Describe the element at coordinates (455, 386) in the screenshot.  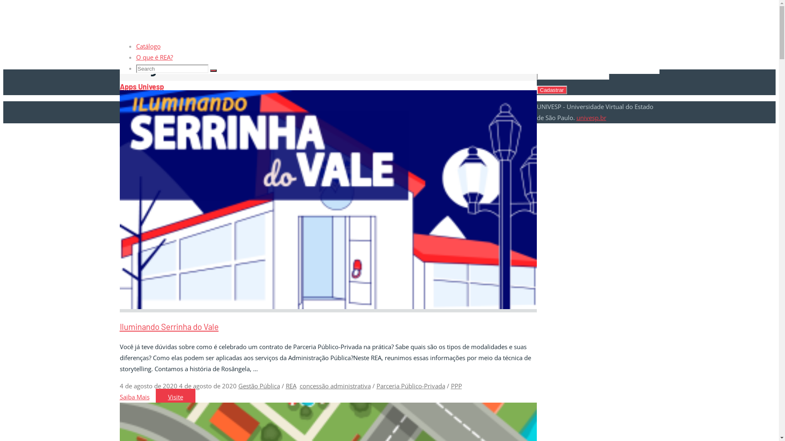
I see `'PPP'` at that location.